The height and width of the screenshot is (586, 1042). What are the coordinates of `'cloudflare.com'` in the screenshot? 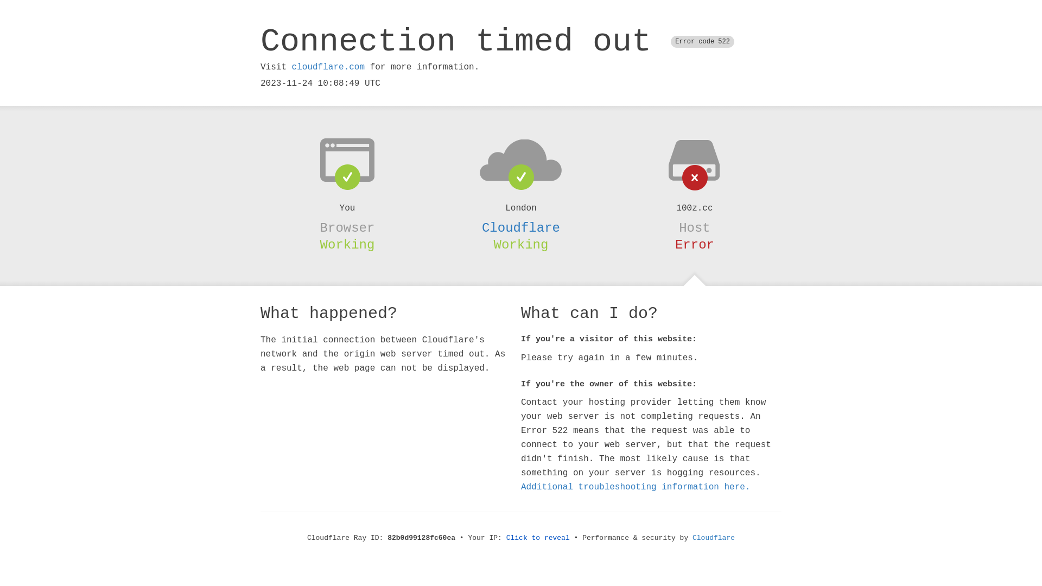 It's located at (291, 67).